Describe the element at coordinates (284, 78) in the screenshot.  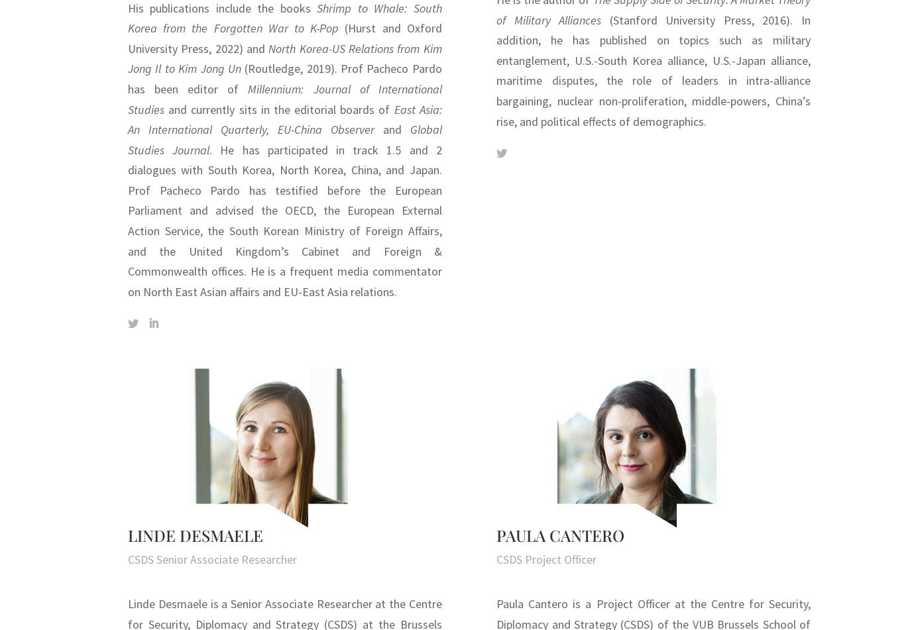
I see `'(Routledge, 2019). Prof Pacheco Pardo has been editor of'` at that location.